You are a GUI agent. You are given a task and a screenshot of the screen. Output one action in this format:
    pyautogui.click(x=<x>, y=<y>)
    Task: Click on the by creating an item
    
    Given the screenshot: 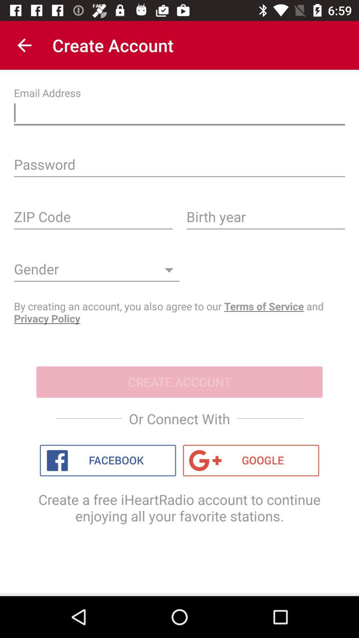 What is the action you would take?
    pyautogui.click(x=179, y=312)
    